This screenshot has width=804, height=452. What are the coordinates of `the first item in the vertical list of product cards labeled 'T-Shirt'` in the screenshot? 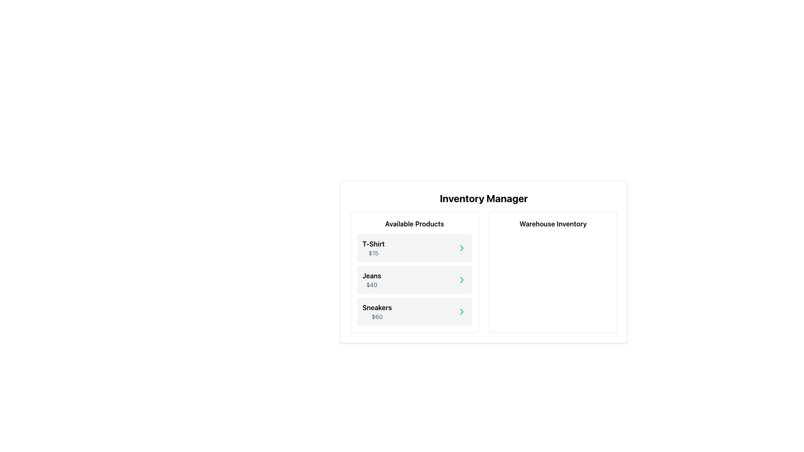 It's located at (415, 248).